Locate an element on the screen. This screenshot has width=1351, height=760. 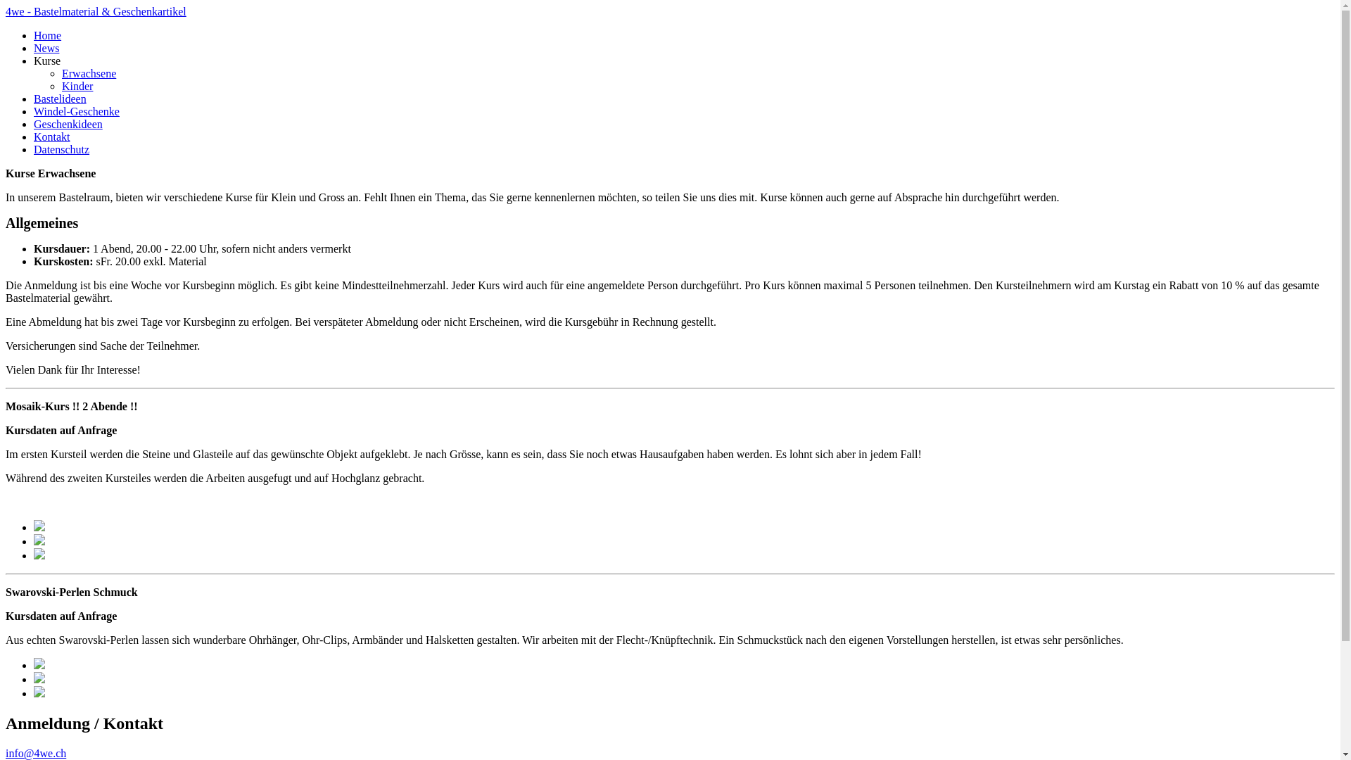
'4we - Bastelmaterial & Geschenkartikel' is located at coordinates (95, 11).